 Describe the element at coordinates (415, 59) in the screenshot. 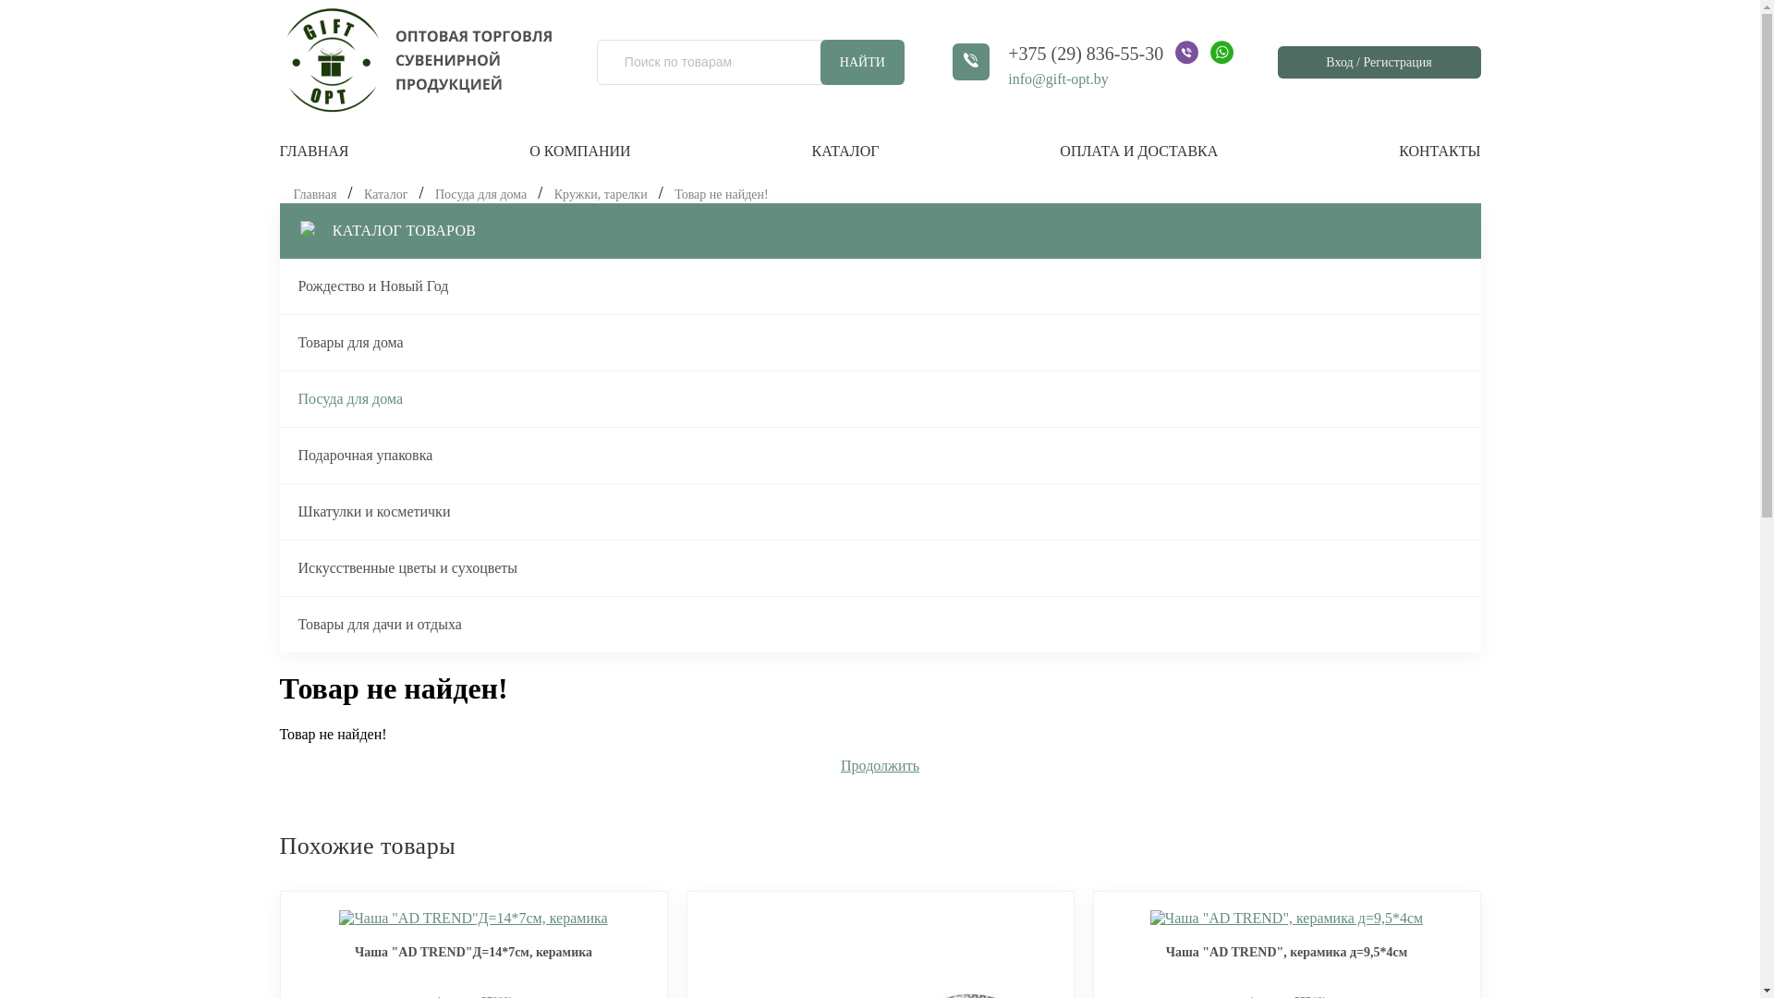

I see `'gift-opt.by'` at that location.